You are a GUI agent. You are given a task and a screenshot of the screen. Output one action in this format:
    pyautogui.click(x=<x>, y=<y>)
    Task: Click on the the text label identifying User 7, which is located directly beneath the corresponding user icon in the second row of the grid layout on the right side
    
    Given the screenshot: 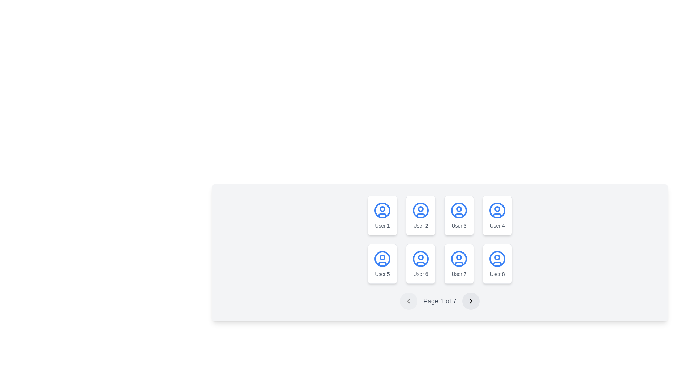 What is the action you would take?
    pyautogui.click(x=459, y=274)
    